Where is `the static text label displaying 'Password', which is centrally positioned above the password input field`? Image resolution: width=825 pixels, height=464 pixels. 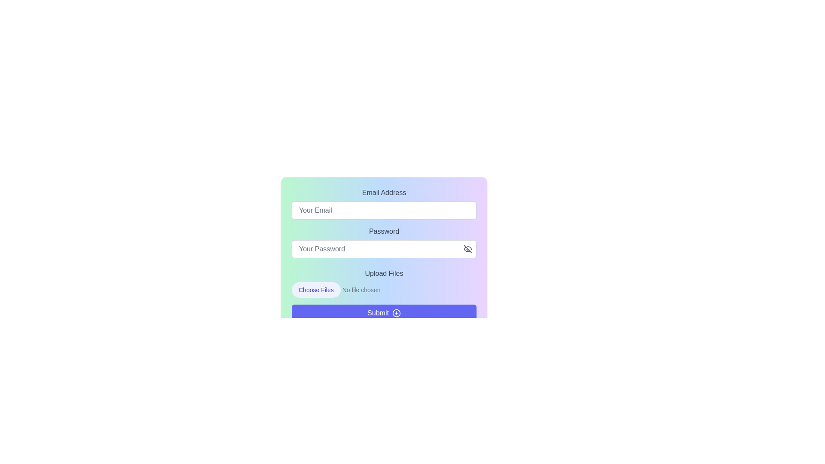 the static text label displaying 'Password', which is centrally positioned above the password input field is located at coordinates (383, 231).